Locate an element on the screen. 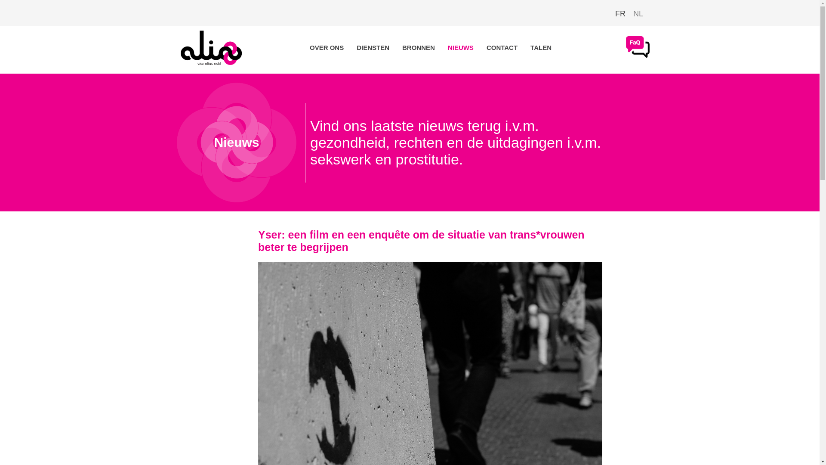  'NL' is located at coordinates (633, 13).